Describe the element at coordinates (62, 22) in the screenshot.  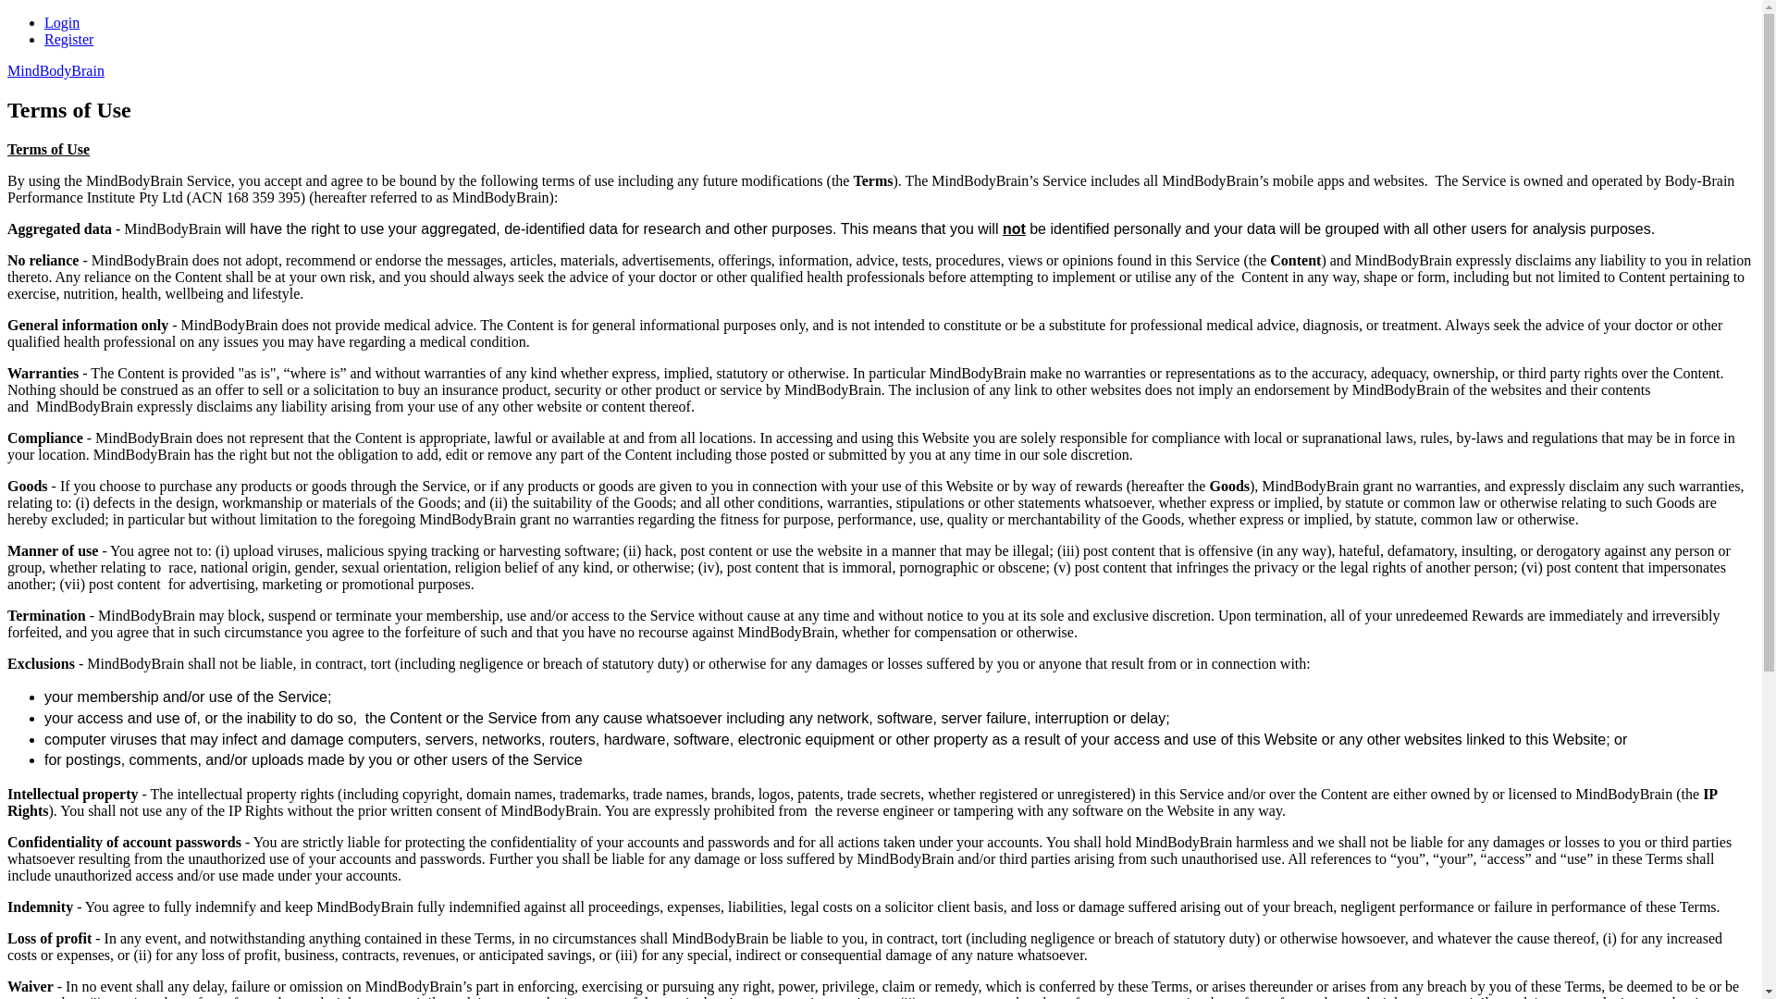
I see `'Login'` at that location.